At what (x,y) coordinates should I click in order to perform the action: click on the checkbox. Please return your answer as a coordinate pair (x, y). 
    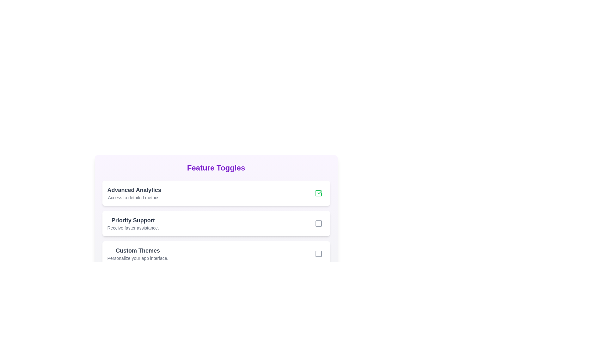
    Looking at the image, I should click on (318, 193).